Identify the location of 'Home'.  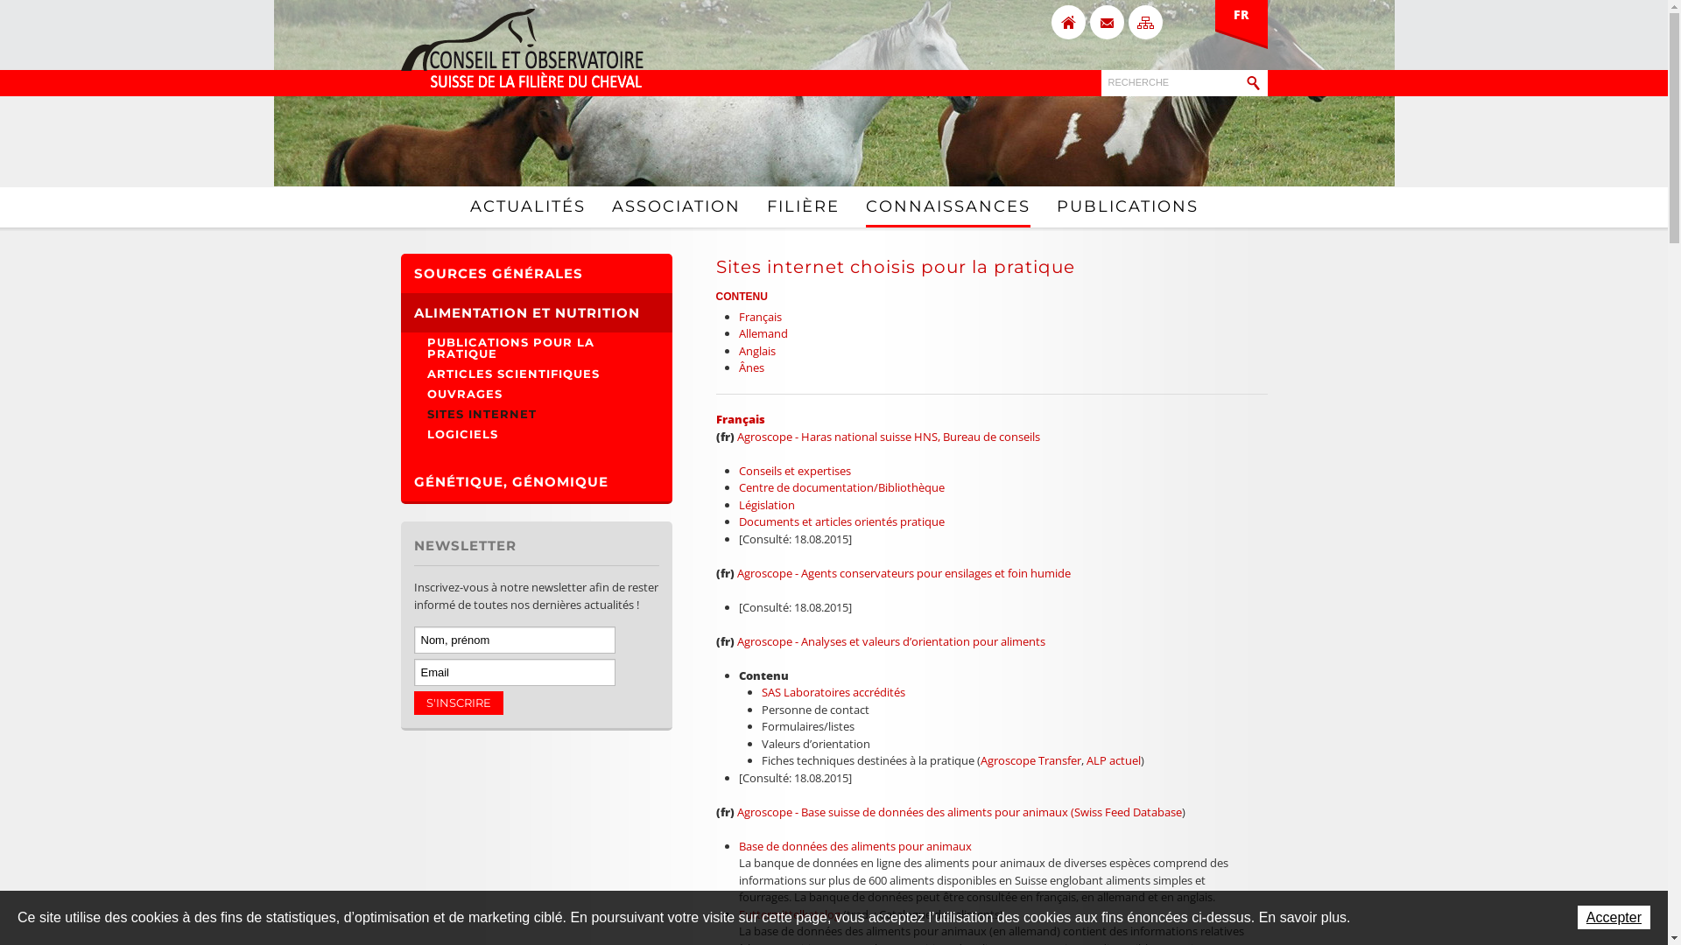
(1066, 22).